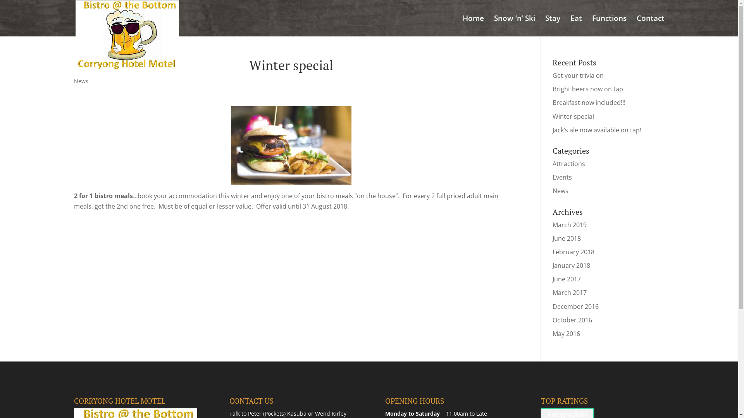  Describe the element at coordinates (589, 102) in the screenshot. I see `'Breakfast now included!!!'` at that location.